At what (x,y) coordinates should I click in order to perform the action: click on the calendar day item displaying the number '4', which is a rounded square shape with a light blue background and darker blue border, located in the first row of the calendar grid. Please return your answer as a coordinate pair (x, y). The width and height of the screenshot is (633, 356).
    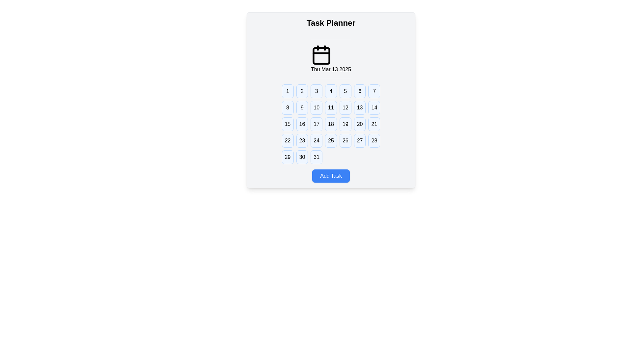
    Looking at the image, I should click on (331, 91).